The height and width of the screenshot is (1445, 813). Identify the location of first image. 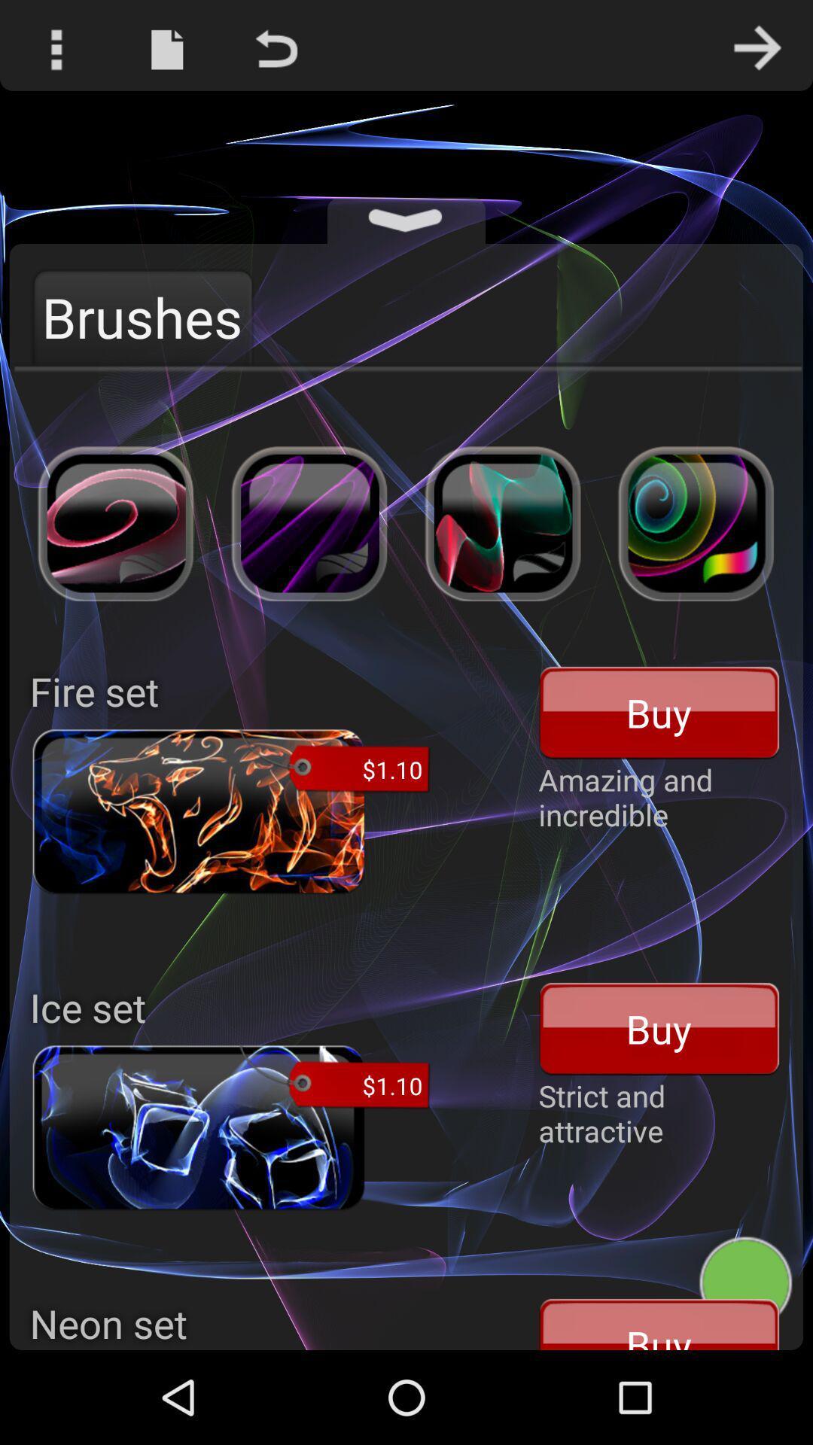
(115, 524).